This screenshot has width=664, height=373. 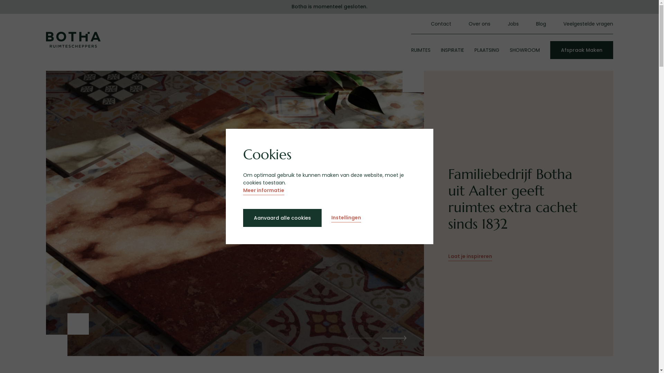 I want to click on 'Blog', so click(x=541, y=23).